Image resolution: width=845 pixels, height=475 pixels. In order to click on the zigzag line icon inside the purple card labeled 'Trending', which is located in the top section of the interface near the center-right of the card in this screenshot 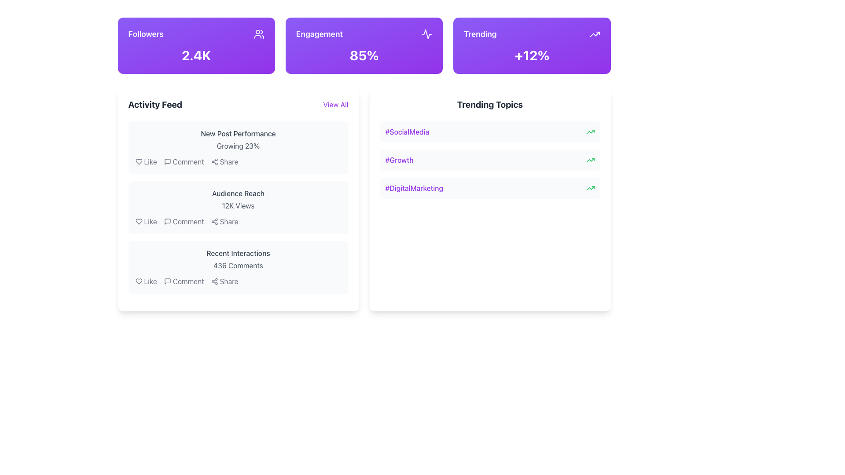, I will do `click(595, 33)`.